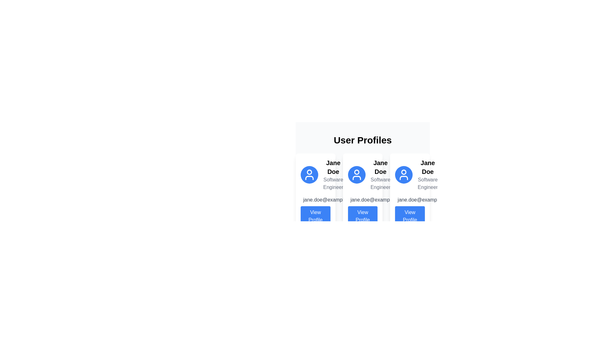 This screenshot has width=602, height=339. I want to click on the Circular user avatar icon located at the top middle section of the profile card interface, so click(309, 172).